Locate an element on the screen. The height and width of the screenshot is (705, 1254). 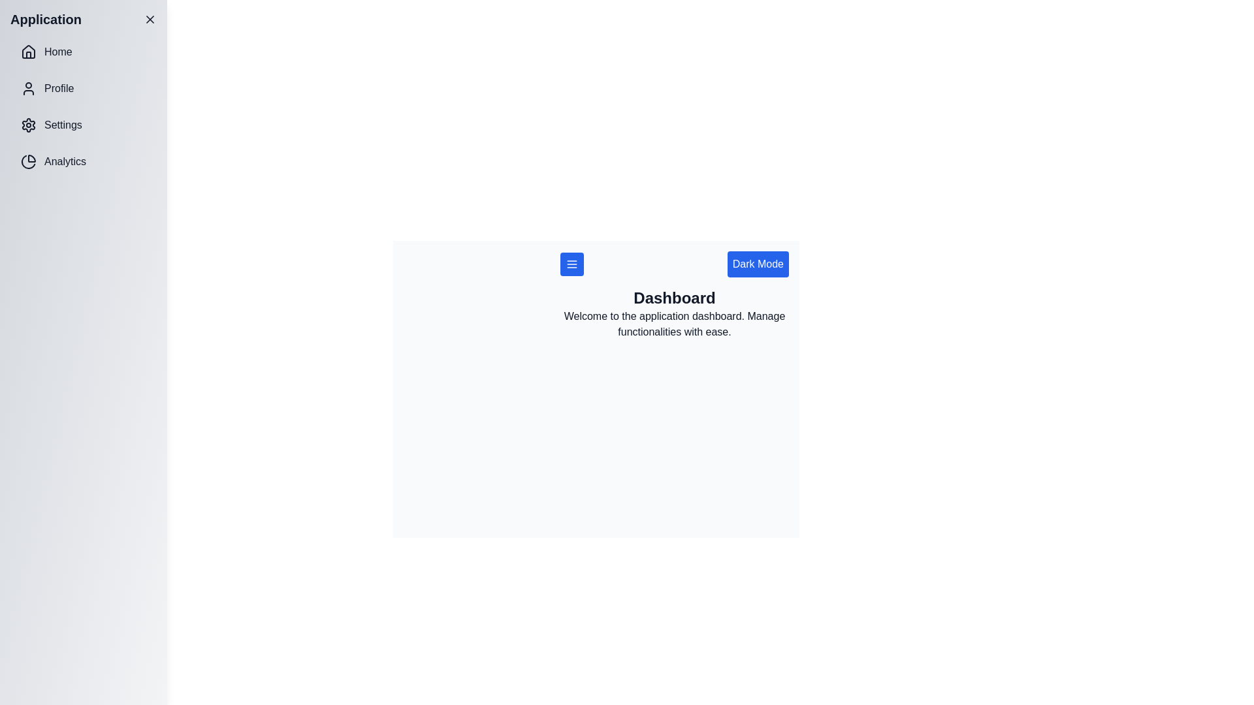
the close button located at the top-right corner of the navigation sidebar is located at coordinates (150, 20).